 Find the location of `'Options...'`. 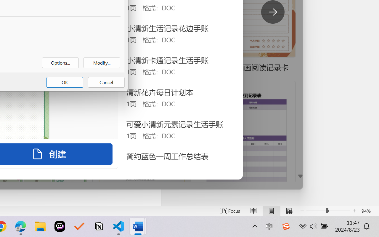

'Options...' is located at coordinates (60, 63).